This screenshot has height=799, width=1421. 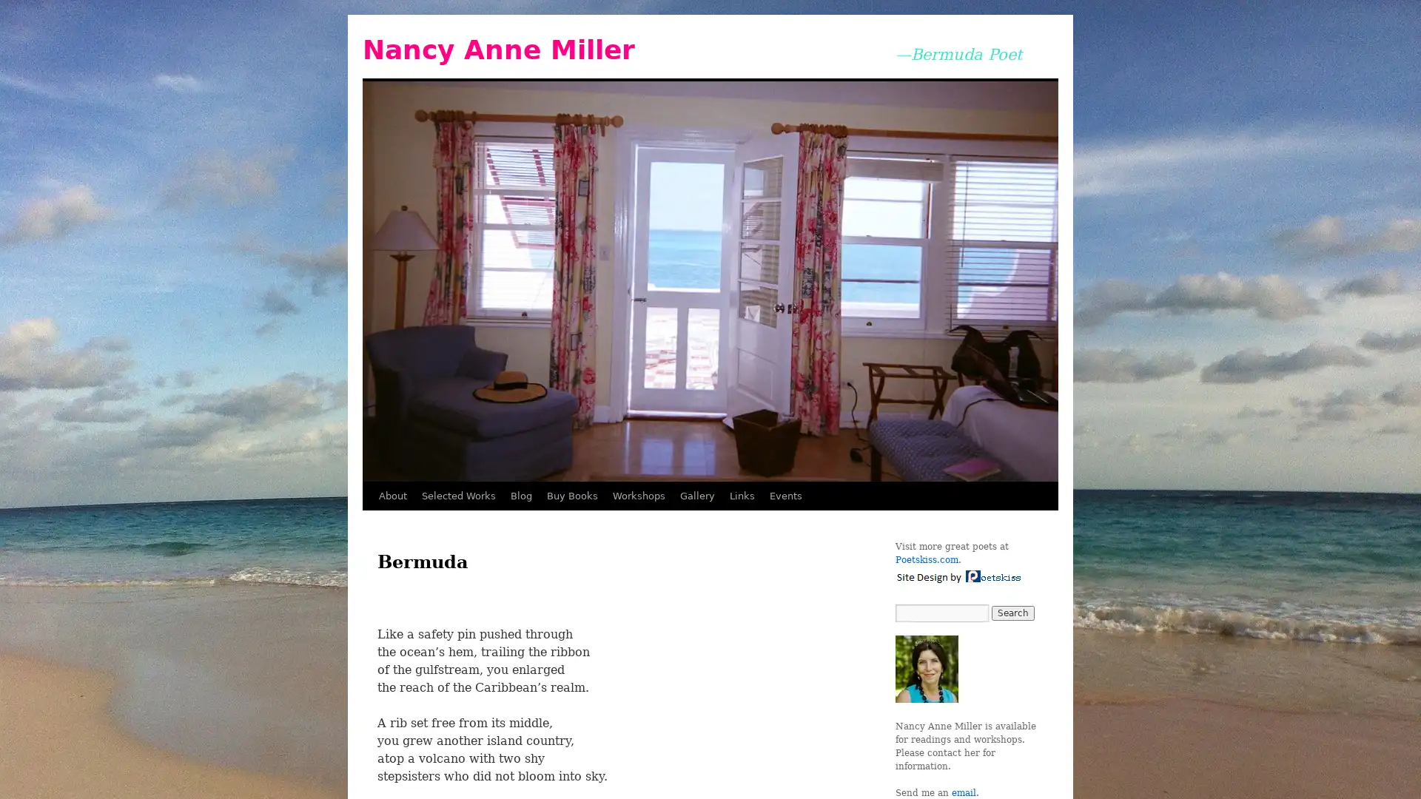 I want to click on Search, so click(x=1012, y=613).